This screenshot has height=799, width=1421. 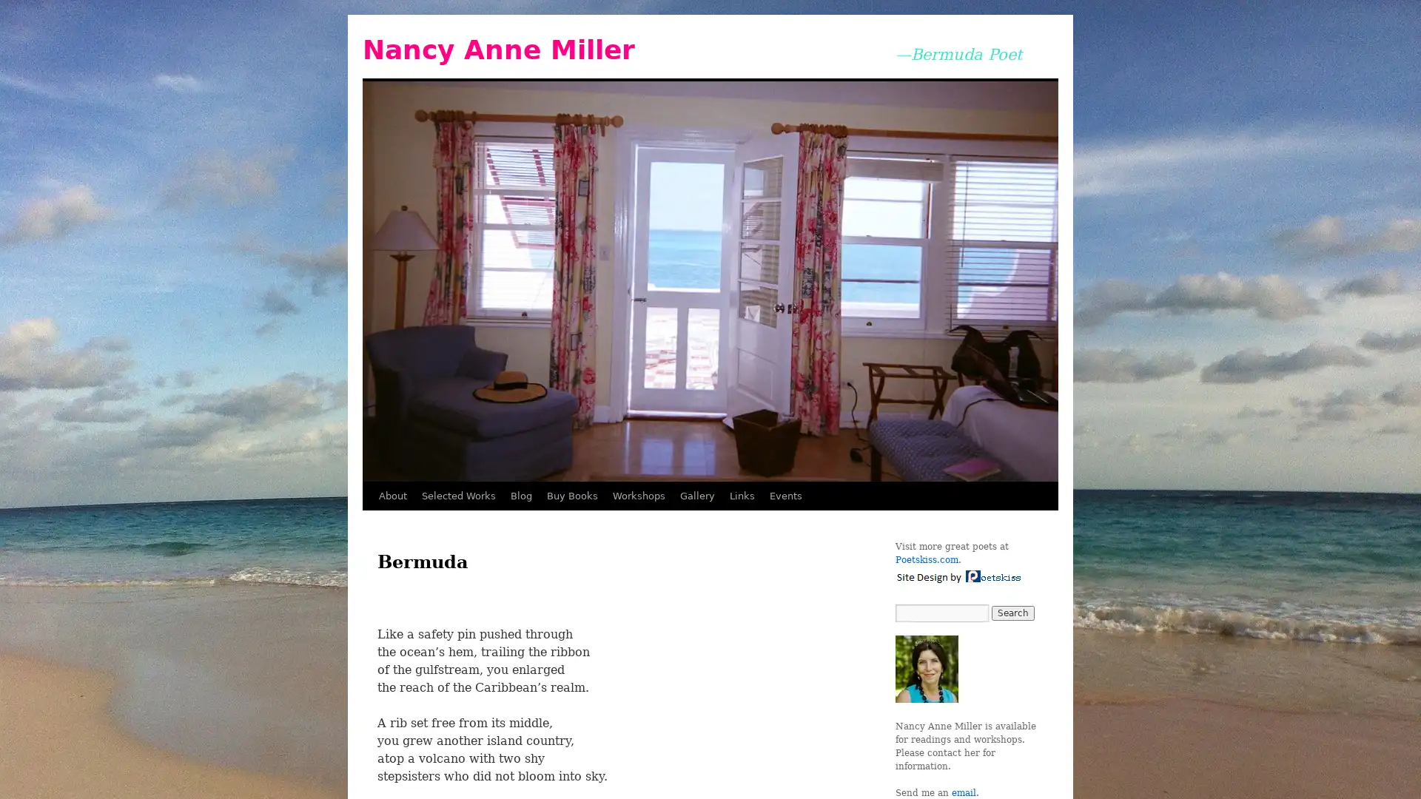 I want to click on Search, so click(x=1012, y=613).